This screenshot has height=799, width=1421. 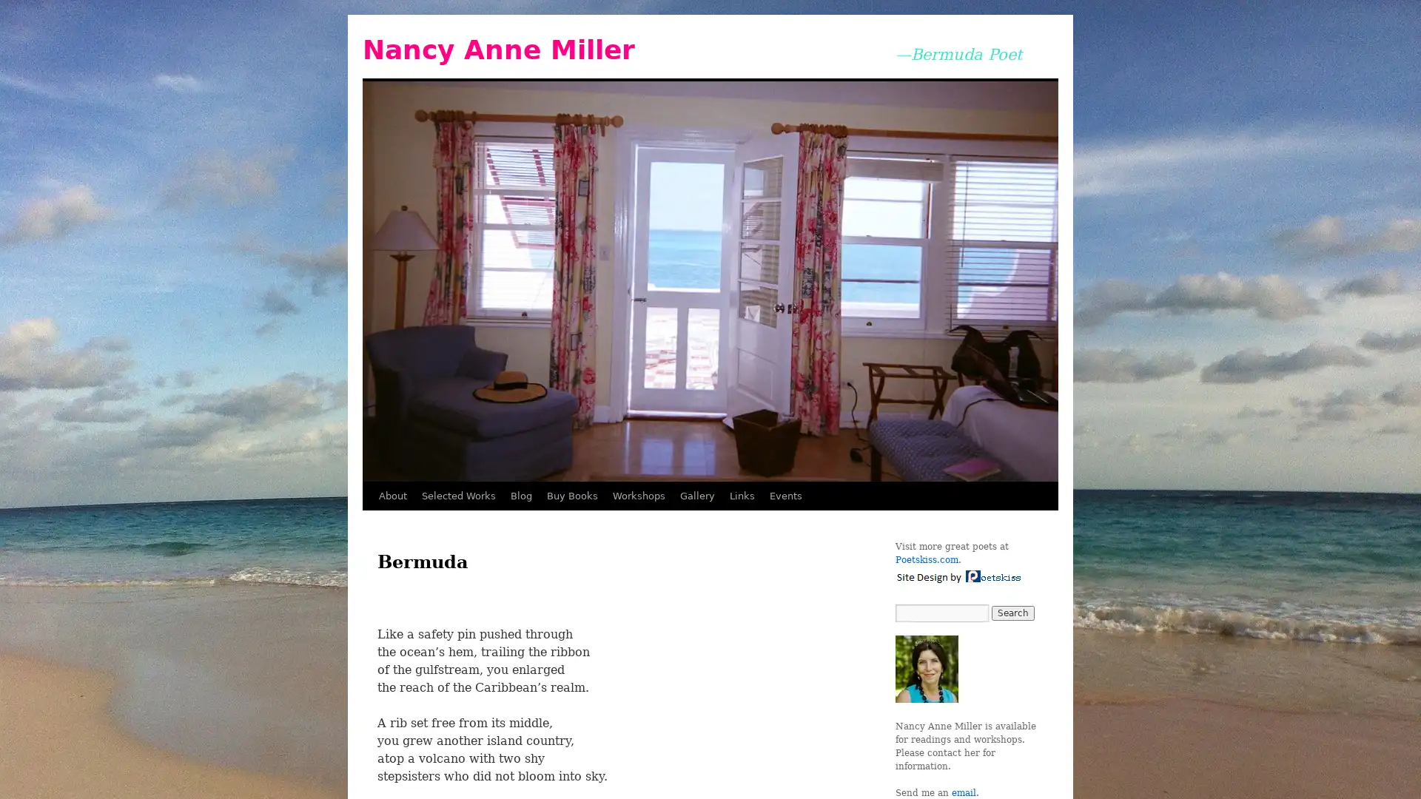 I want to click on Search, so click(x=1012, y=613).